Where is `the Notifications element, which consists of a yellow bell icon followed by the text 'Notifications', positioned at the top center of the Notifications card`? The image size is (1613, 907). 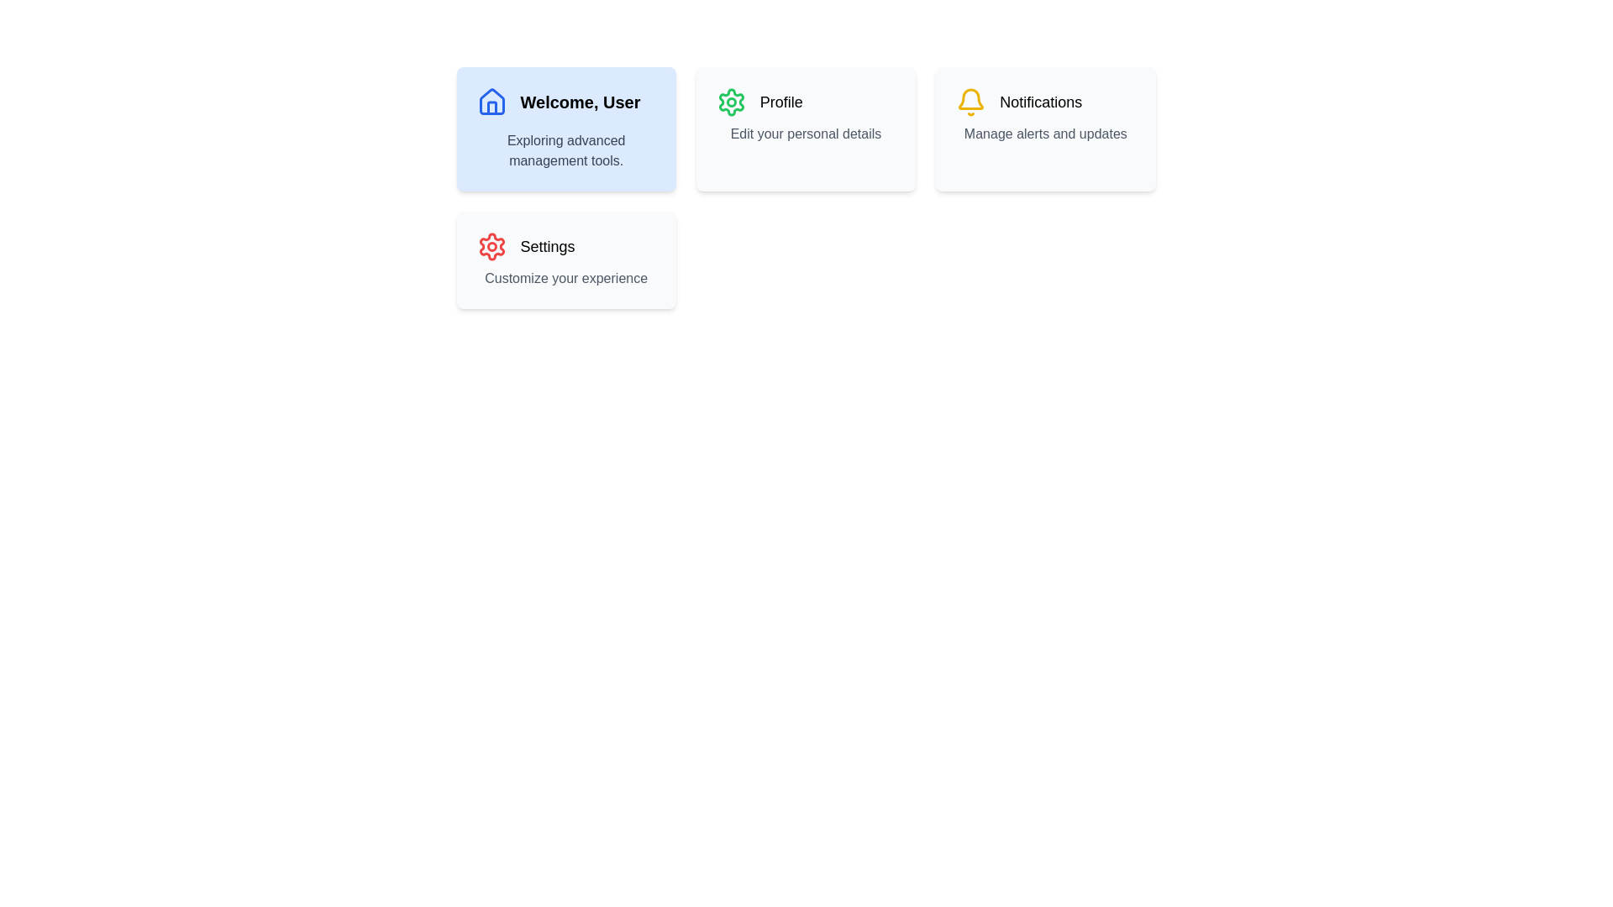
the Notifications element, which consists of a yellow bell icon followed by the text 'Notifications', positioned at the top center of the Notifications card is located at coordinates (1044, 102).